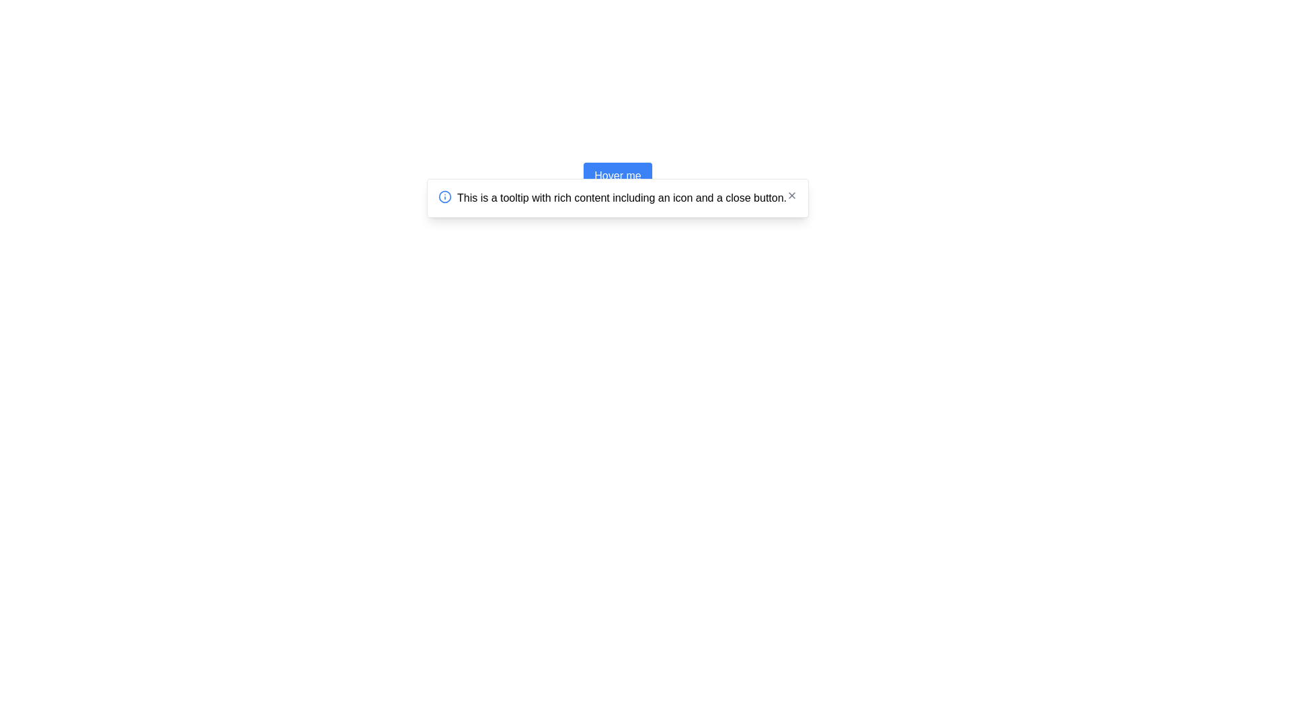 The image size is (1291, 726). Describe the element at coordinates (792, 195) in the screenshot. I see `the close (X) button located at the top-right corner of the tooltip to activate its hover effects` at that location.